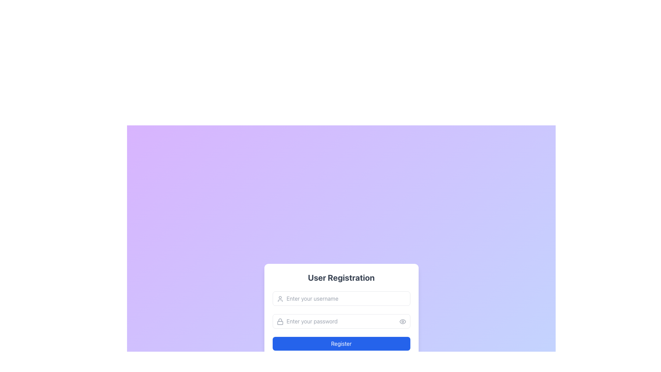  What do you see at coordinates (280, 298) in the screenshot?
I see `the user profile icon, which is a light gray silhouette located at the top-left corner of the 'Enter your username' input field in the user registration form` at bounding box center [280, 298].